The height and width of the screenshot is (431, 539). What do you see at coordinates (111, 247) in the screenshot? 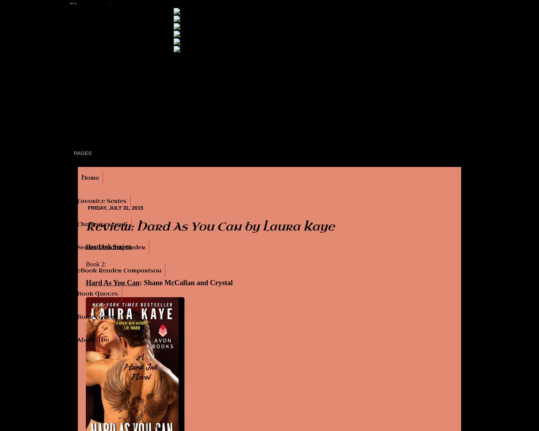
I see `'Series Reading Order'` at bounding box center [111, 247].